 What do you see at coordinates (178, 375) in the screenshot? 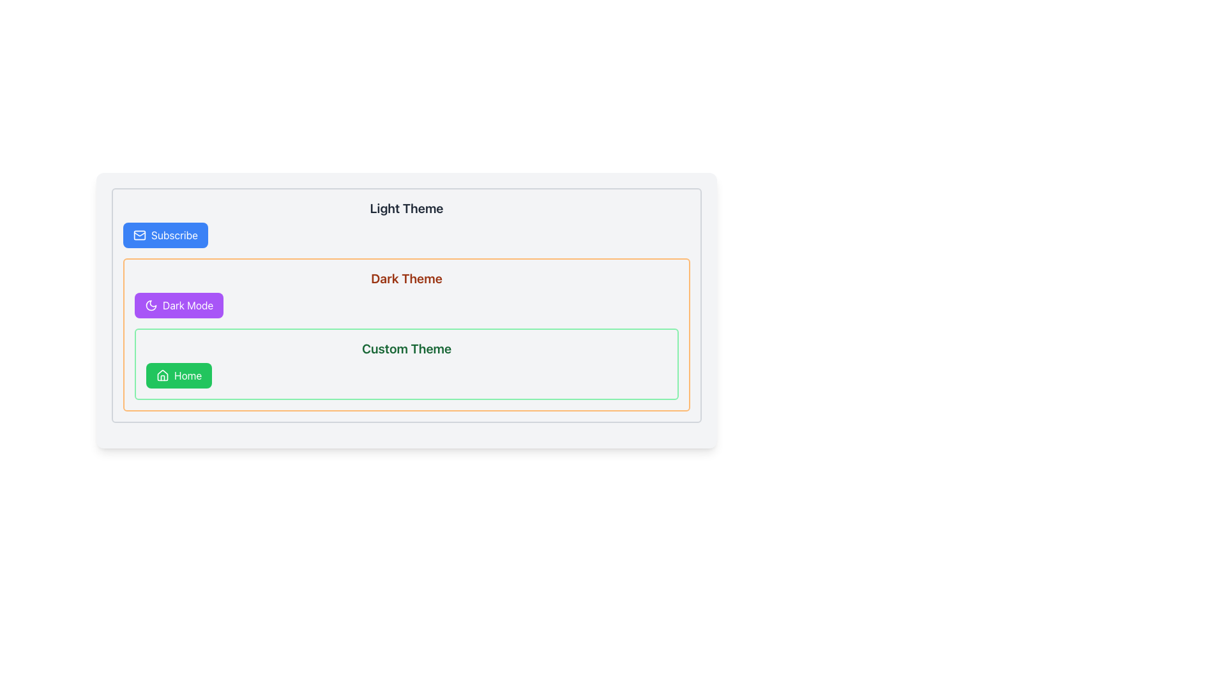
I see `the navigation button located at the bottom-left corner of the 'Custom Theme' section` at bounding box center [178, 375].